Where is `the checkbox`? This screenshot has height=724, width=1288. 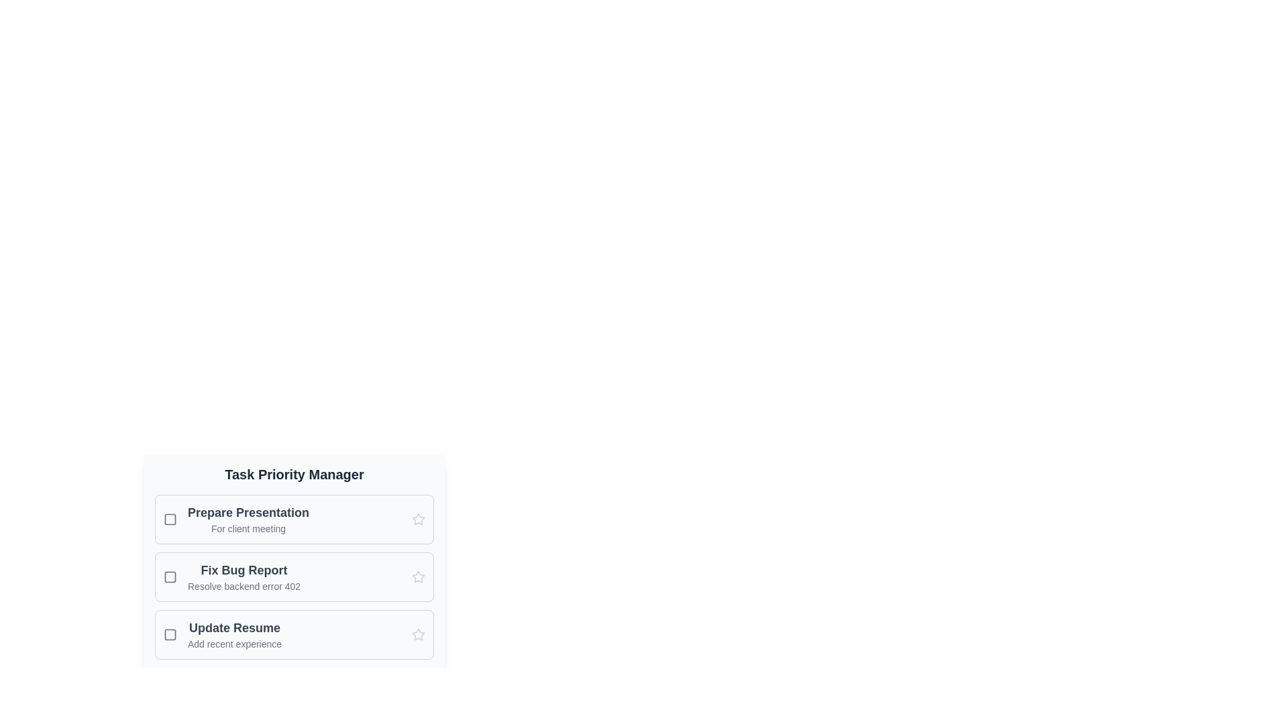 the checkbox is located at coordinates (170, 576).